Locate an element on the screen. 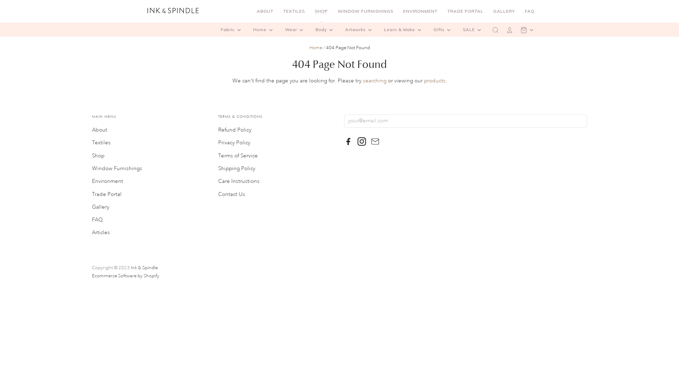 Image resolution: width=679 pixels, height=382 pixels. 'About' is located at coordinates (99, 130).